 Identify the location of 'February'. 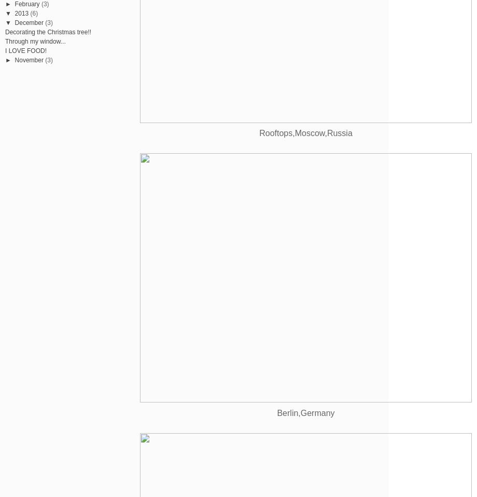
(26, 3).